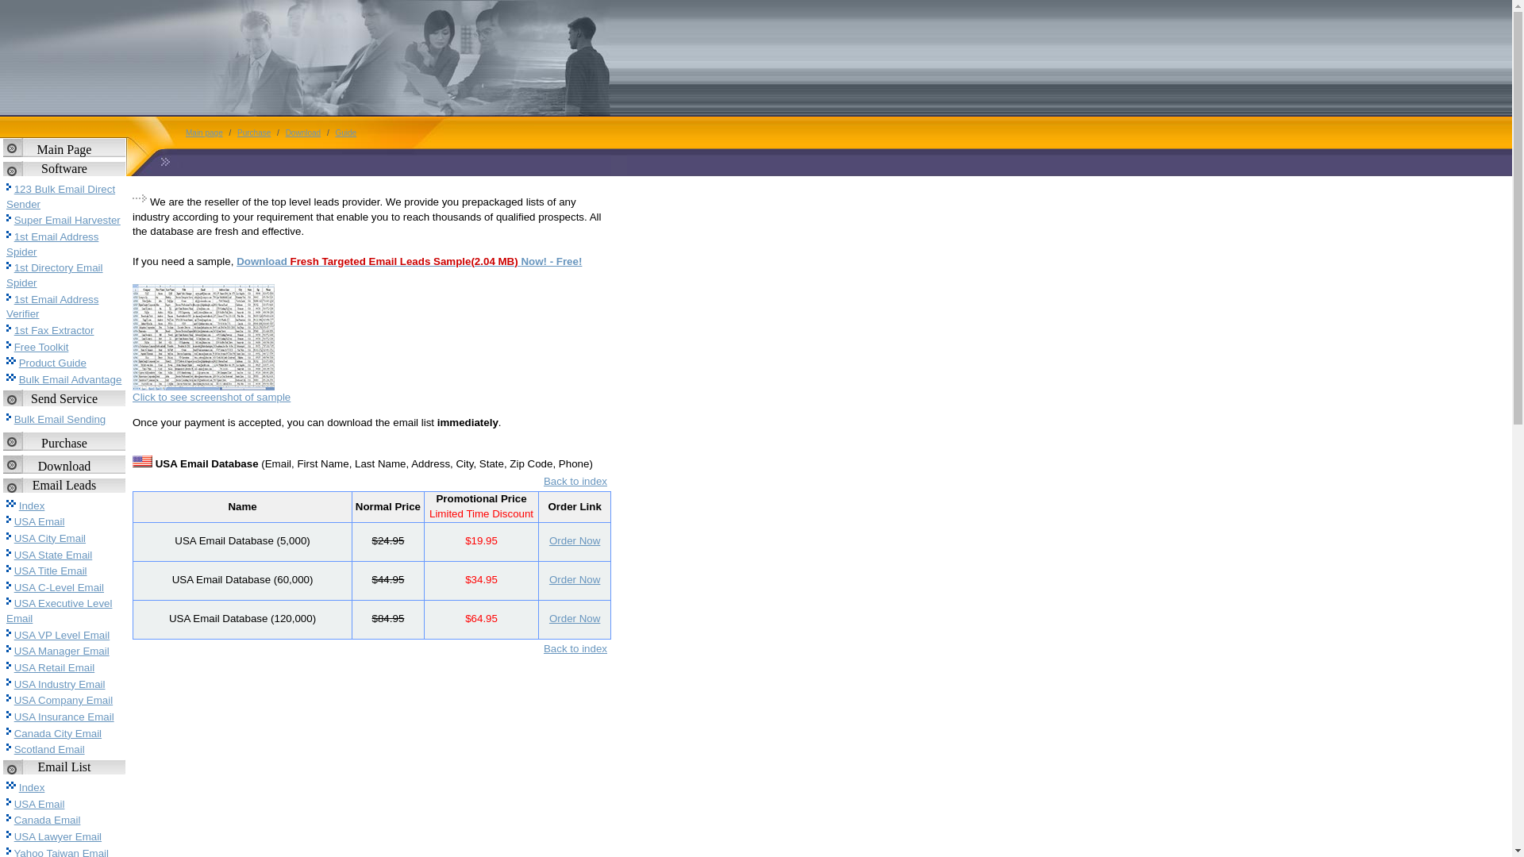 This screenshot has height=857, width=1524. Describe the element at coordinates (63, 149) in the screenshot. I see `'Main Page'` at that location.